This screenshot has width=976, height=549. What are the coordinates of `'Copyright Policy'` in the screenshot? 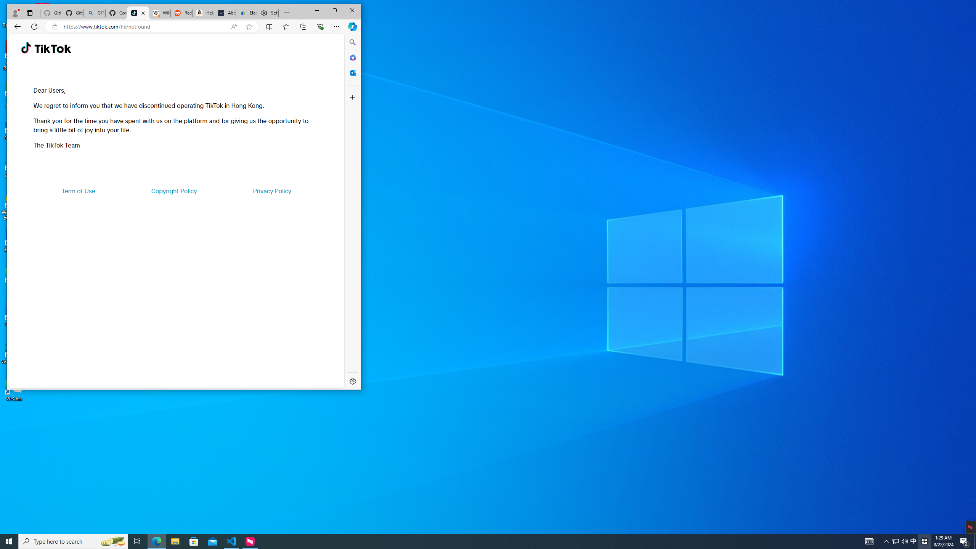 It's located at (174, 191).